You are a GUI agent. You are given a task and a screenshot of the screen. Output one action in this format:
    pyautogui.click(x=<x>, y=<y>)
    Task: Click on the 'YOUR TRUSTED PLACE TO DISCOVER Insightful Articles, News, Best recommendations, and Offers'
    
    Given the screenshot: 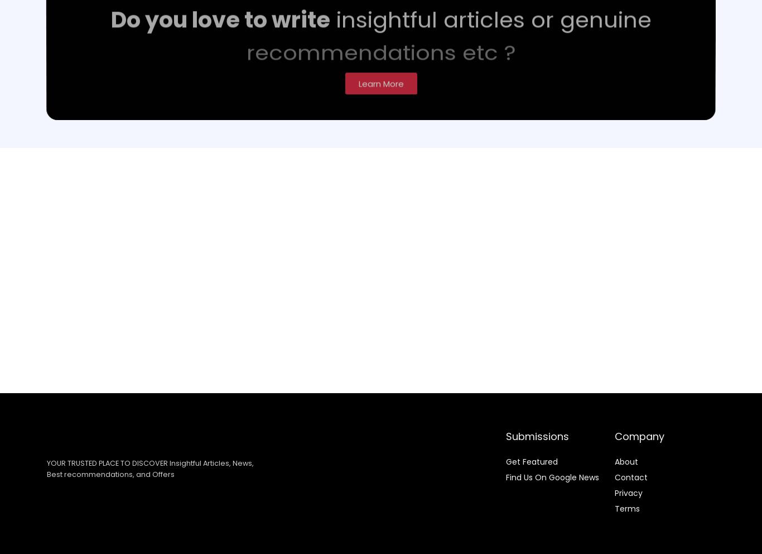 What is the action you would take?
    pyautogui.click(x=149, y=467)
    